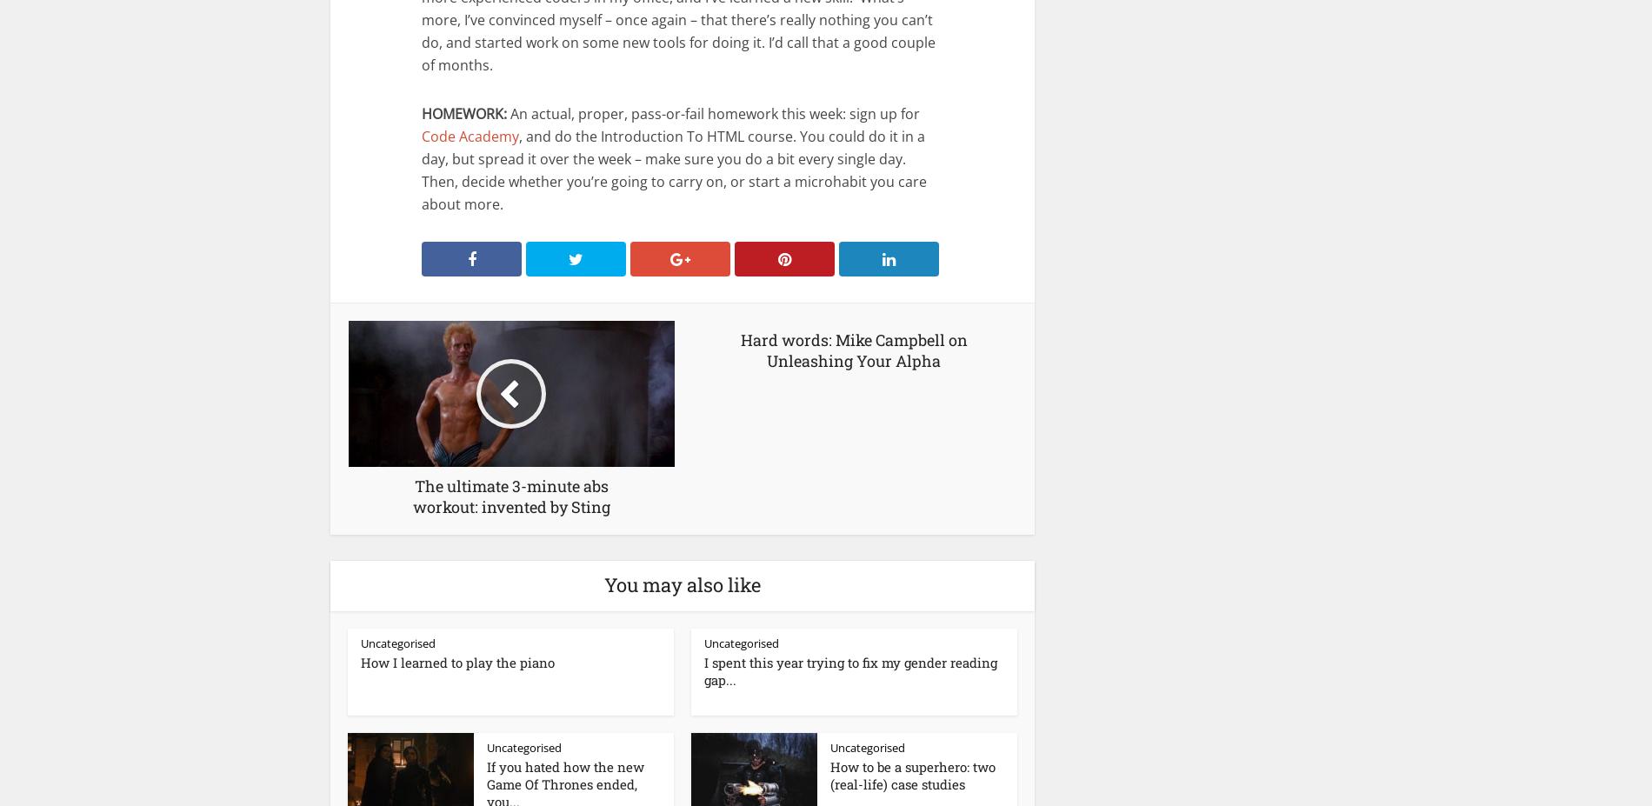 Image resolution: width=1652 pixels, height=806 pixels. What do you see at coordinates (853, 349) in the screenshot?
I see `'Hard words: Mike Campbell on Unleashing Your Alpha'` at bounding box center [853, 349].